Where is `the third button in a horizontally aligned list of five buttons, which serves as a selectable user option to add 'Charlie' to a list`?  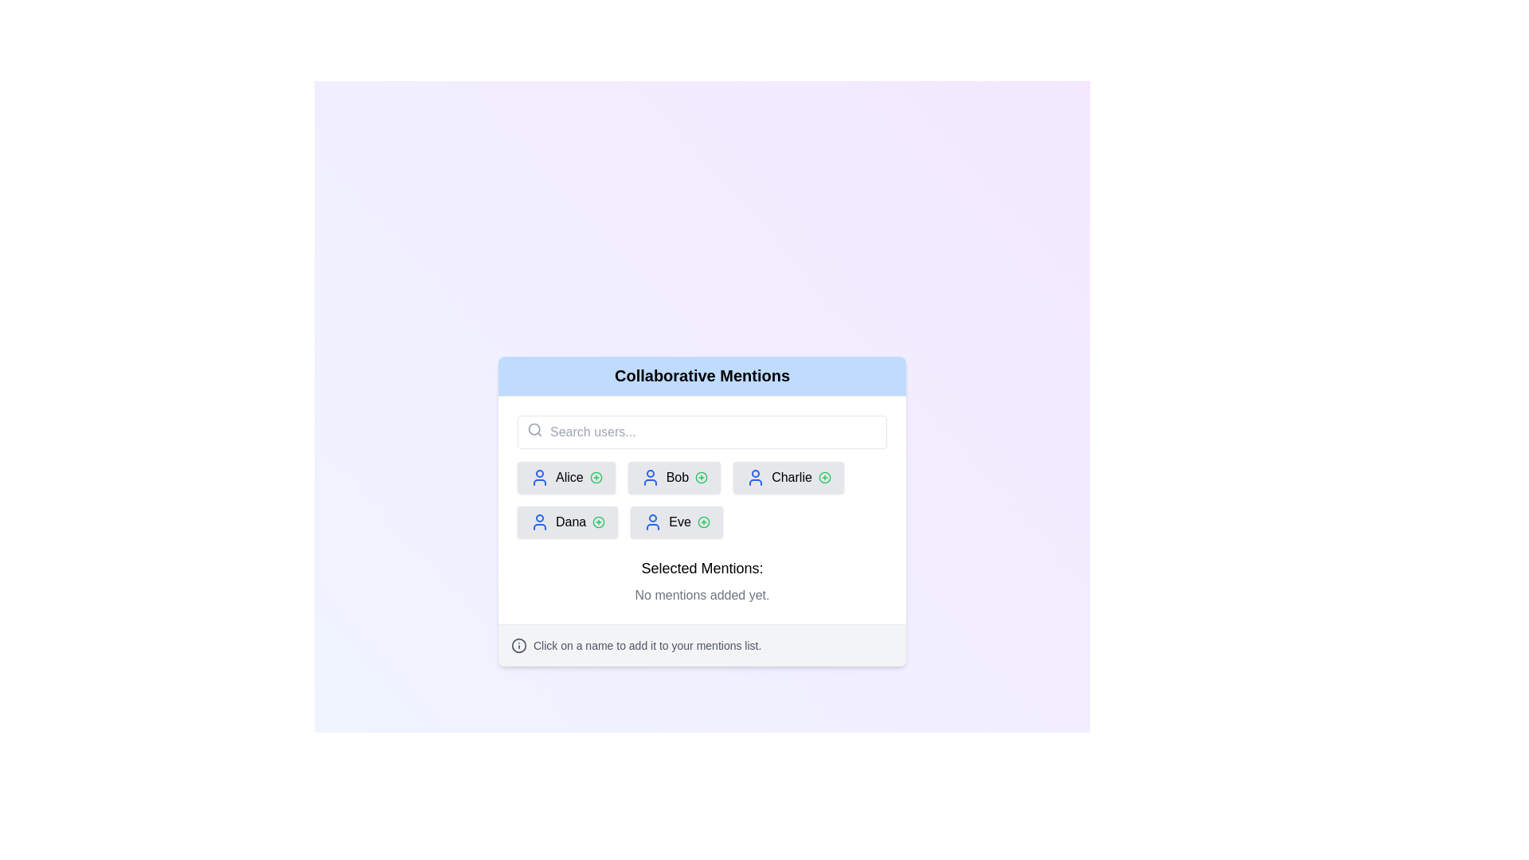
the third button in a horizontally aligned list of five buttons, which serves as a selectable user option to add 'Charlie' to a list is located at coordinates (788, 476).